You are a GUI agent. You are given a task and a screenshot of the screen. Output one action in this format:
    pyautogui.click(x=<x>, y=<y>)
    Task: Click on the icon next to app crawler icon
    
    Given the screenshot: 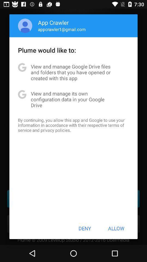 What is the action you would take?
    pyautogui.click(x=25, y=26)
    